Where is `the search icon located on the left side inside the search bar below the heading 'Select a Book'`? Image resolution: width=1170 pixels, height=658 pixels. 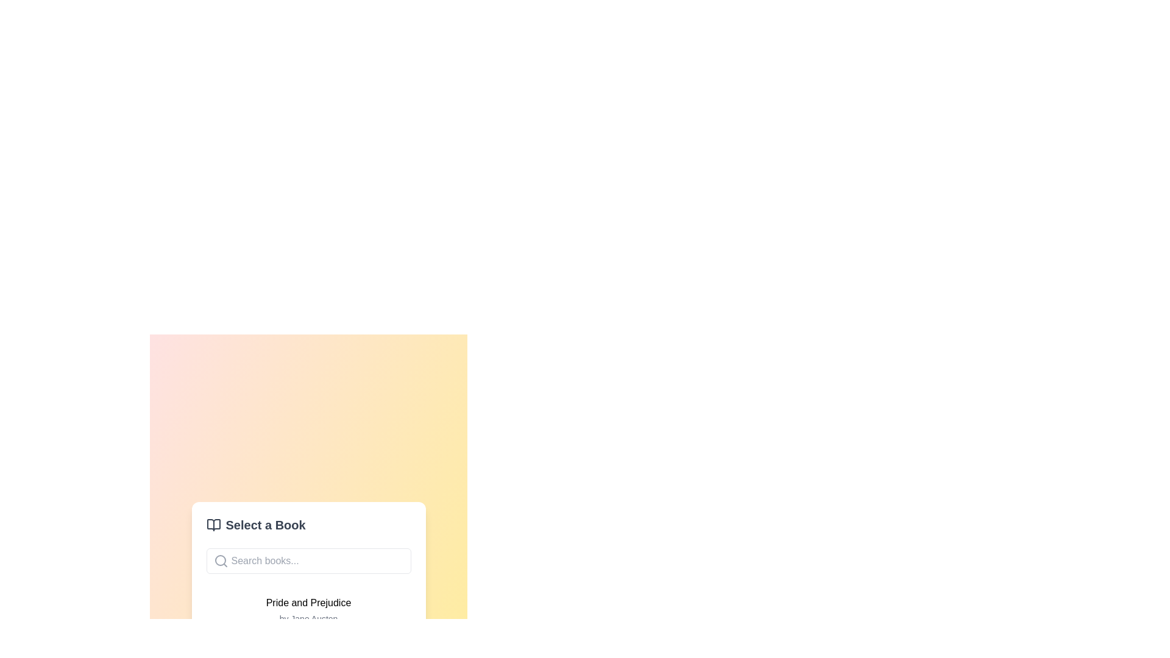
the search icon located on the left side inside the search bar below the heading 'Select a Book' is located at coordinates (221, 561).